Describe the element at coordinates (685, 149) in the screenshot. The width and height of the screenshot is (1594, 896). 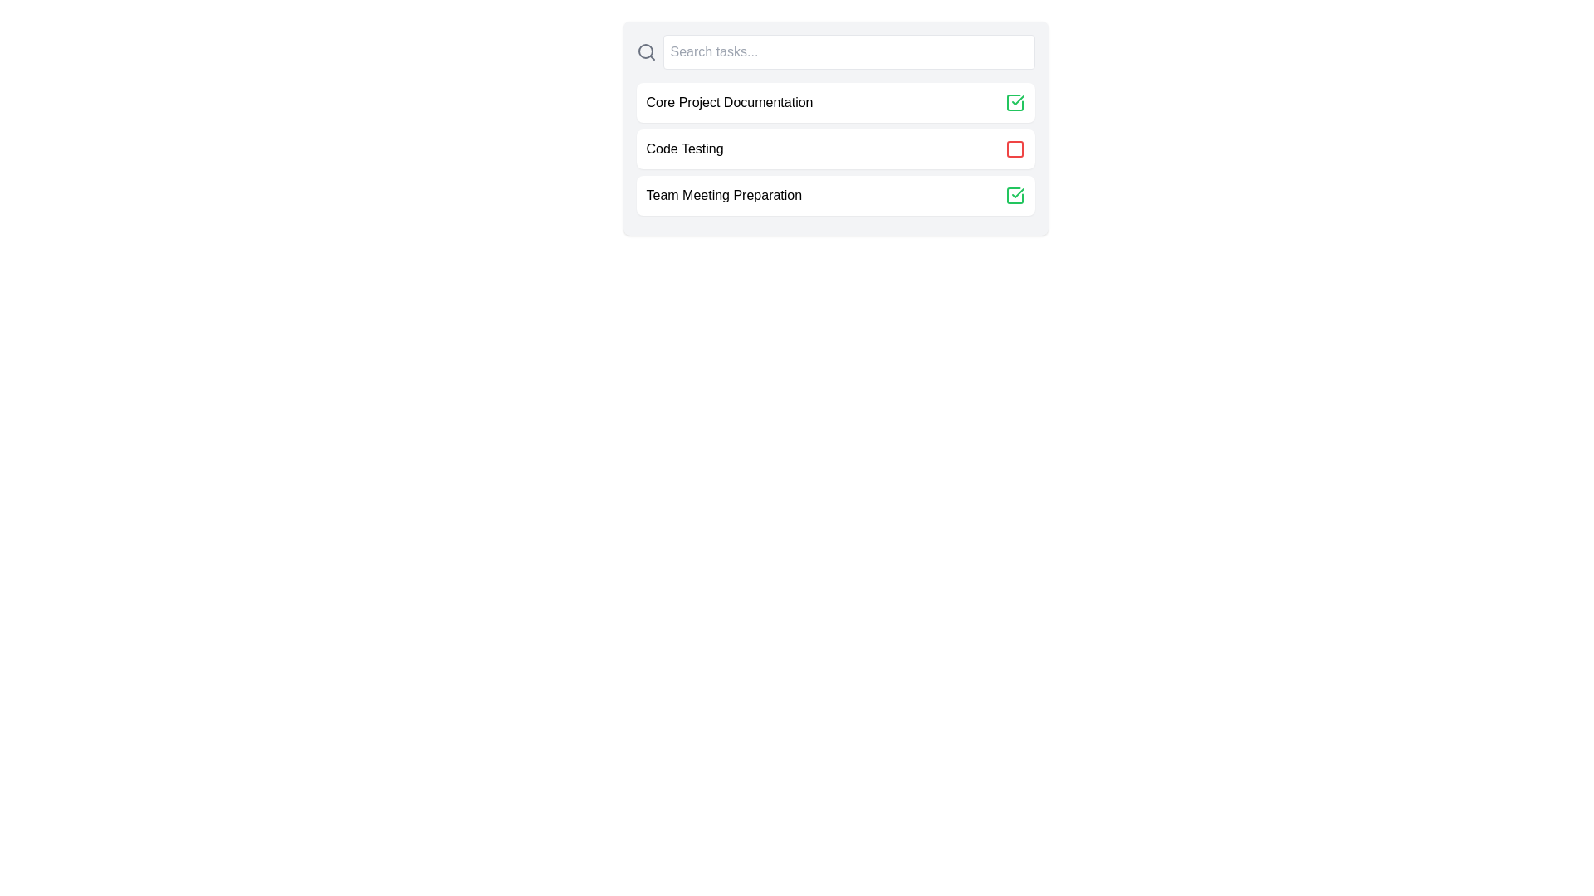
I see `the text of the task named Code Testing to select or highlight it` at that location.